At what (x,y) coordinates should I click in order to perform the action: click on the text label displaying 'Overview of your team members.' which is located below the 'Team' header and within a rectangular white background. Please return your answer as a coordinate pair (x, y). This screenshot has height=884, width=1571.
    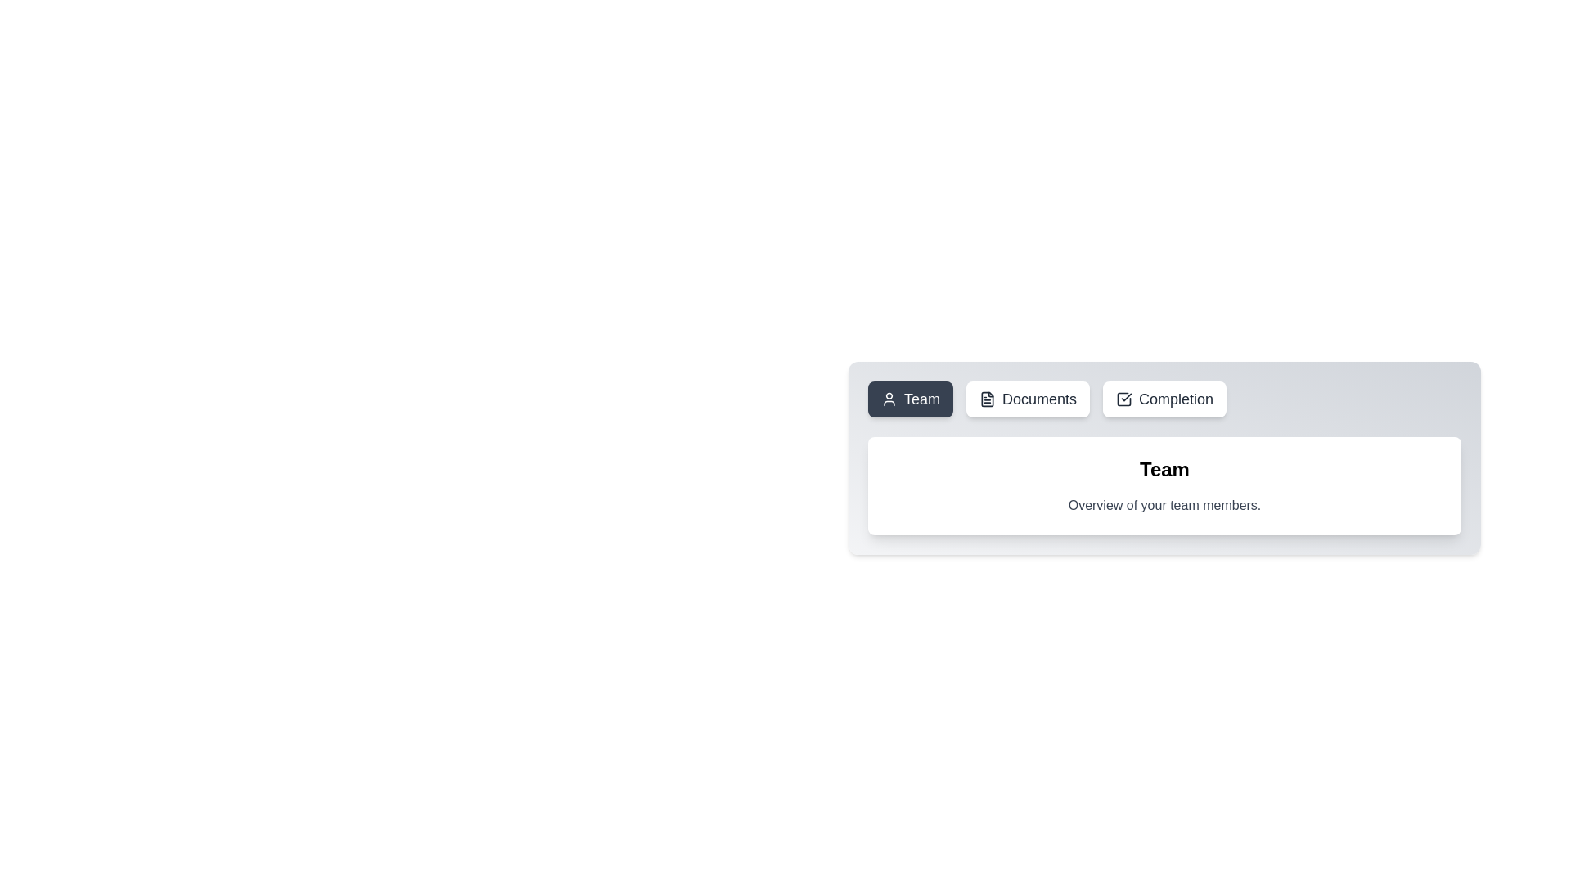
    Looking at the image, I should click on (1164, 504).